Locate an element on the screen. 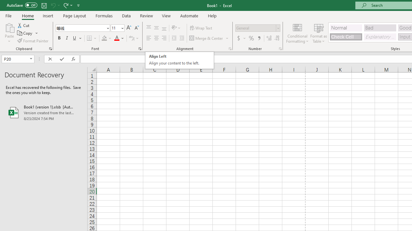 This screenshot has width=412, height=231. 'Increase Decimal' is located at coordinates (269, 38).